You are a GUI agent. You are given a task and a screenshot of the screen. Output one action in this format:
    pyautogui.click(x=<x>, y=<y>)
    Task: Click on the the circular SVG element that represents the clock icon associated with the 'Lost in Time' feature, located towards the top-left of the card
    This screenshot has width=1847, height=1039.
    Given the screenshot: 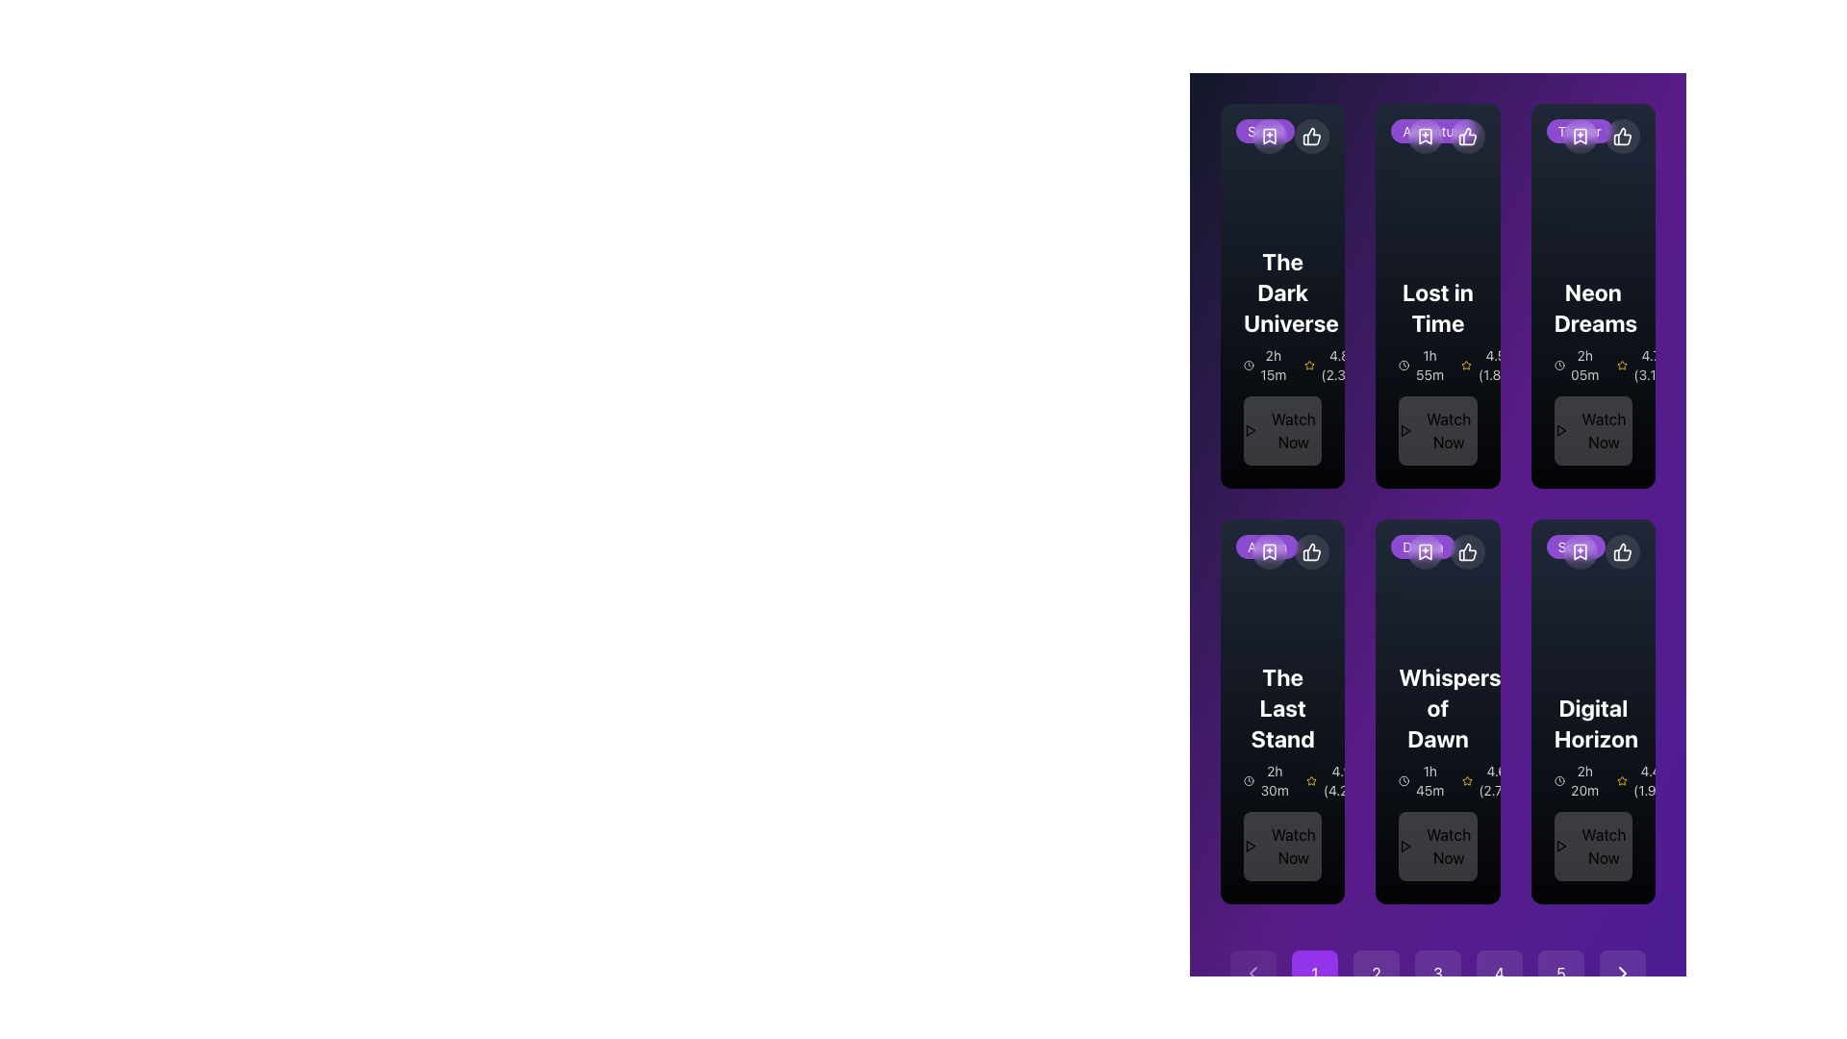 What is the action you would take?
    pyautogui.click(x=1404, y=366)
    